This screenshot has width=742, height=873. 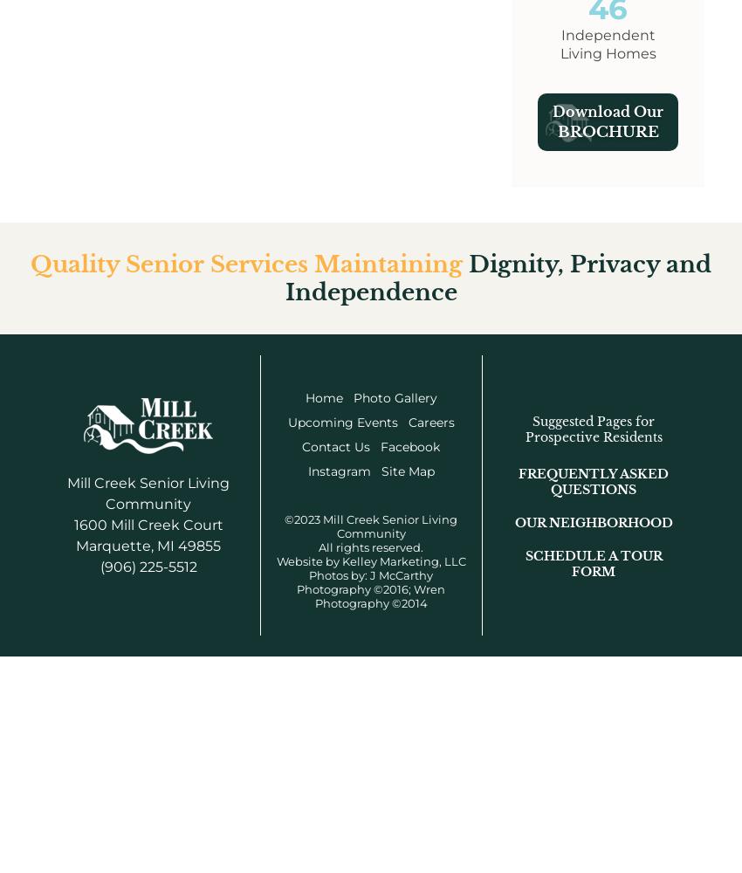 What do you see at coordinates (148, 567) in the screenshot?
I see `'(906) 225-5512'` at bounding box center [148, 567].